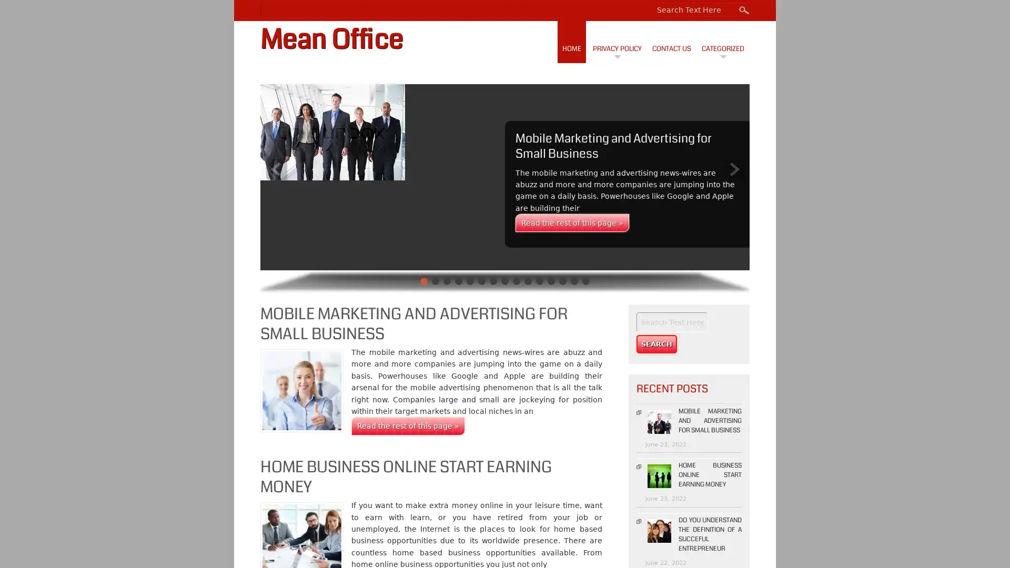 The image size is (1010, 568). What do you see at coordinates (656, 344) in the screenshot?
I see `Search` at bounding box center [656, 344].